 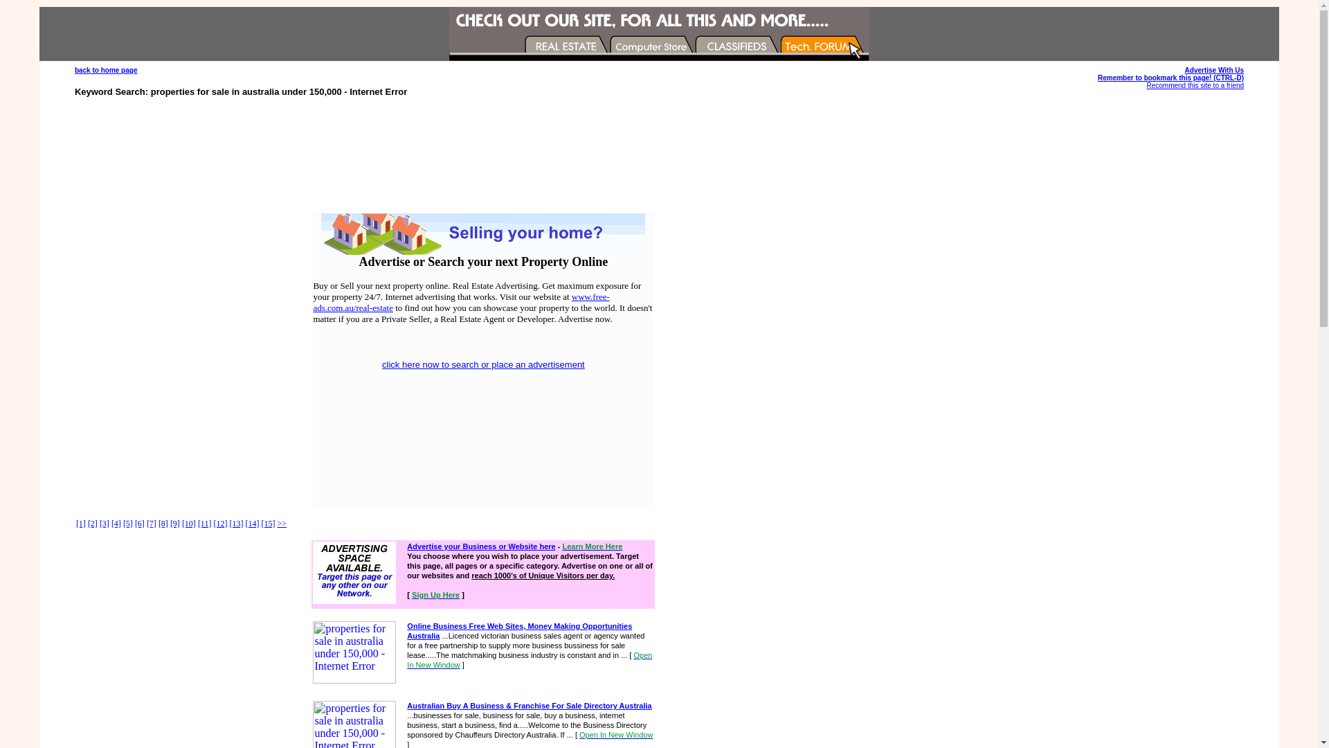 I want to click on '[13]', so click(x=229, y=524).